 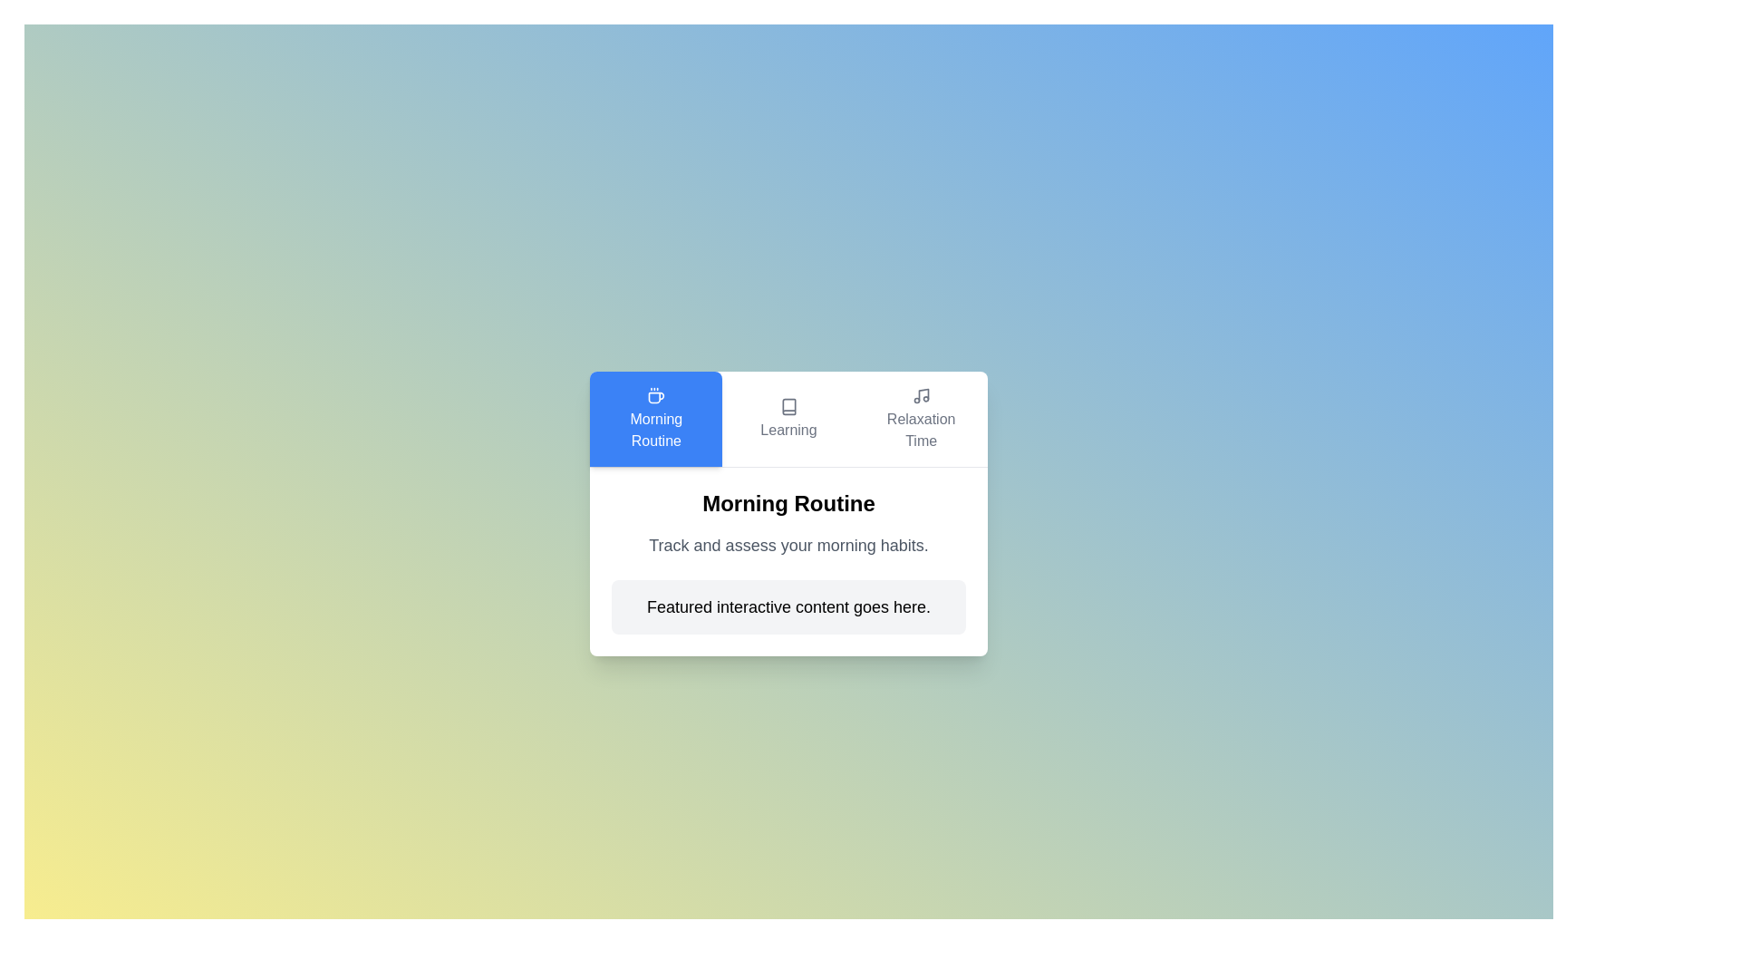 I want to click on the tab labeled Relaxation Time to observe its hover effect, so click(x=921, y=419).